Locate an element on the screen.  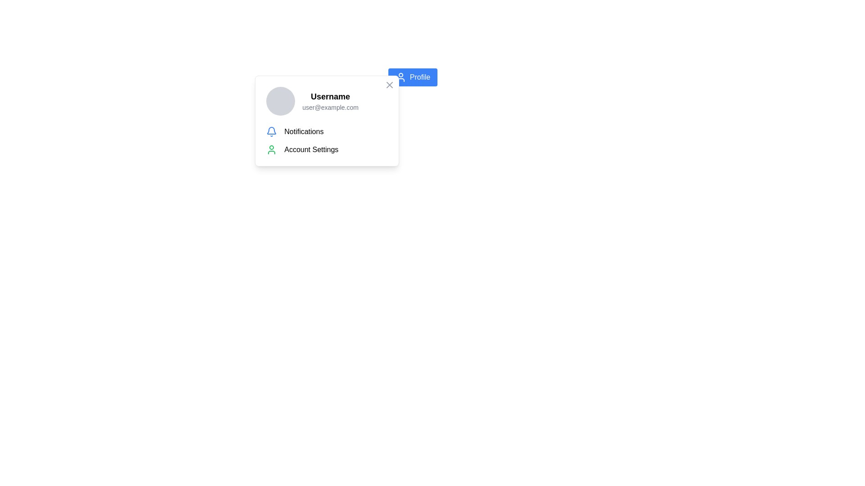
the Information Display that shows the username 'Username' and email 'user@example.com', located inside the profile drop-down panel to the right of the avatar icon is located at coordinates (330, 101).